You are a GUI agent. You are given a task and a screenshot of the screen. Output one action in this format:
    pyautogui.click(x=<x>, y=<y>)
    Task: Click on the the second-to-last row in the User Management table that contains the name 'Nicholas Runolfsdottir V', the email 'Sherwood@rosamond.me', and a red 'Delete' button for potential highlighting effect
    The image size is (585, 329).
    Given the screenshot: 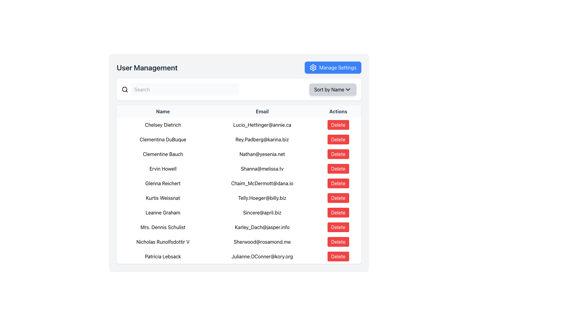 What is the action you would take?
    pyautogui.click(x=239, y=242)
    